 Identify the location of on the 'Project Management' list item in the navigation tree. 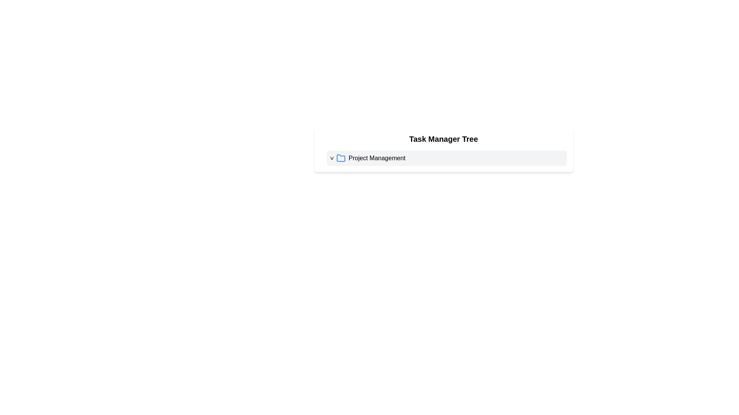
(443, 158).